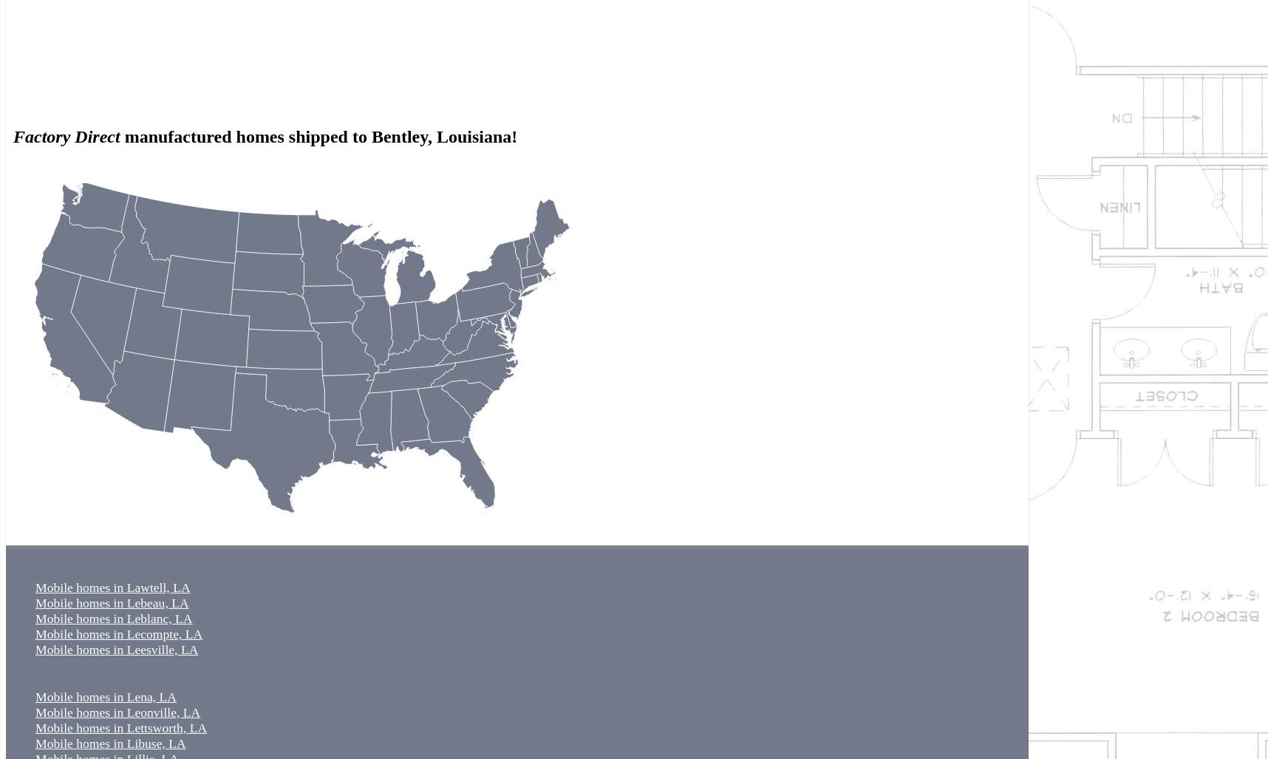  I want to click on 'Factory Direct', so click(13, 135).